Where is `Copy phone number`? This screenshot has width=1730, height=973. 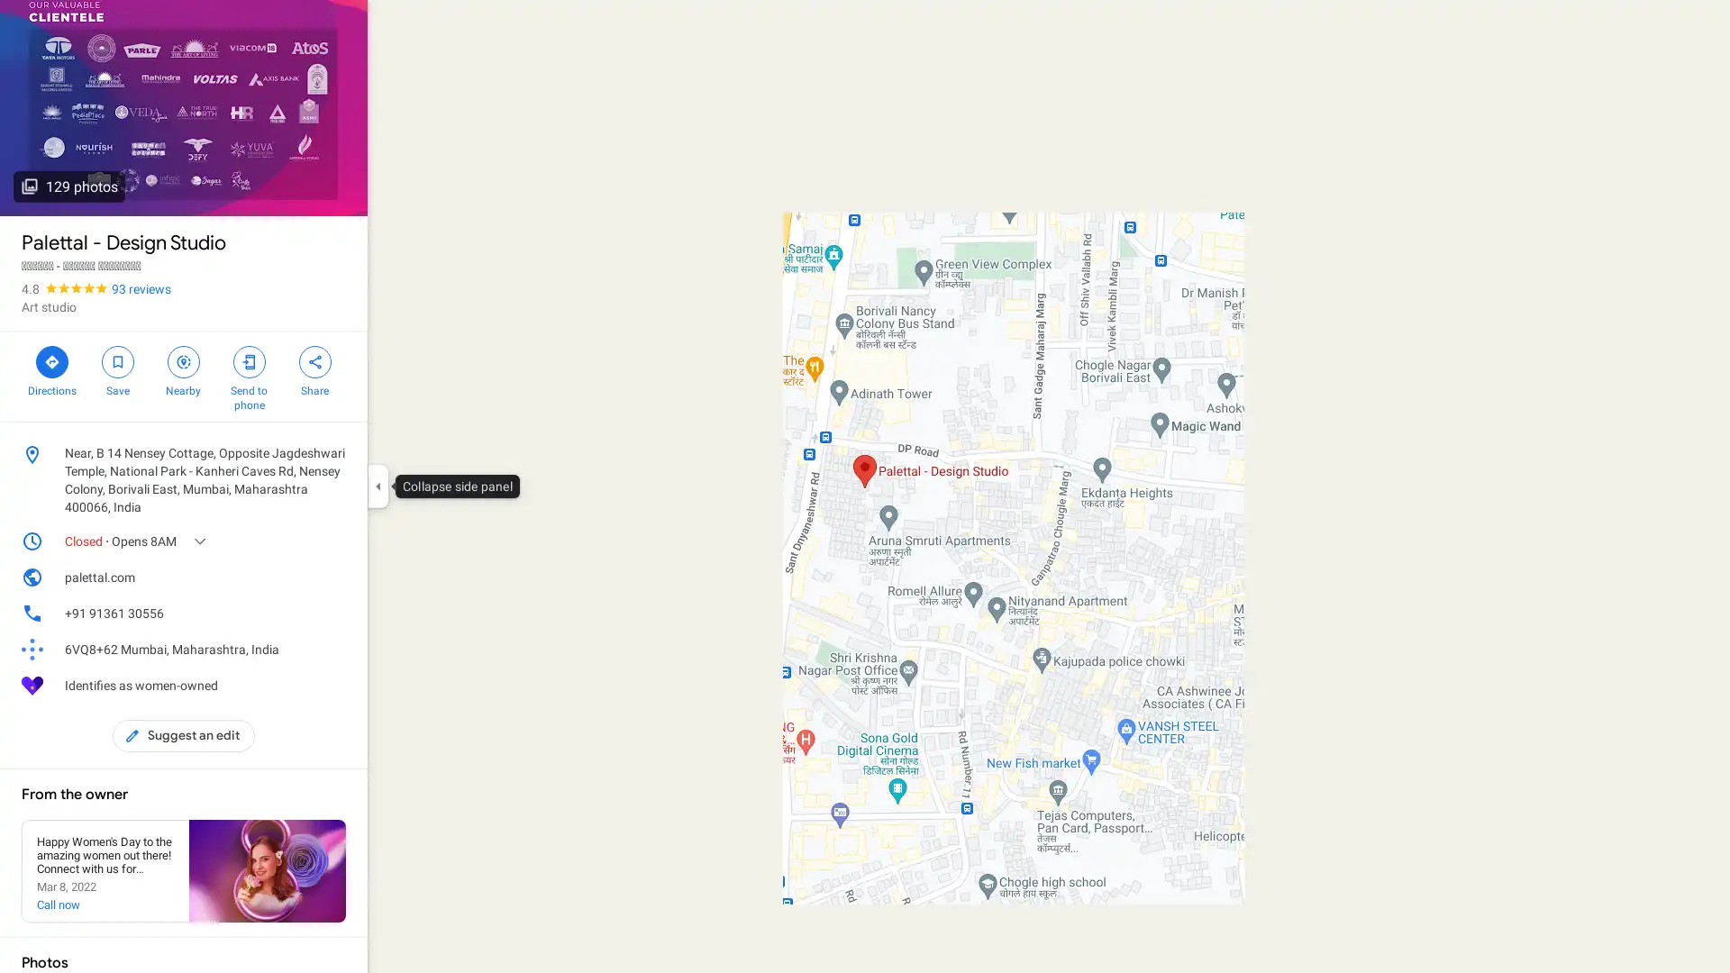
Copy phone number is located at coordinates (310, 613).